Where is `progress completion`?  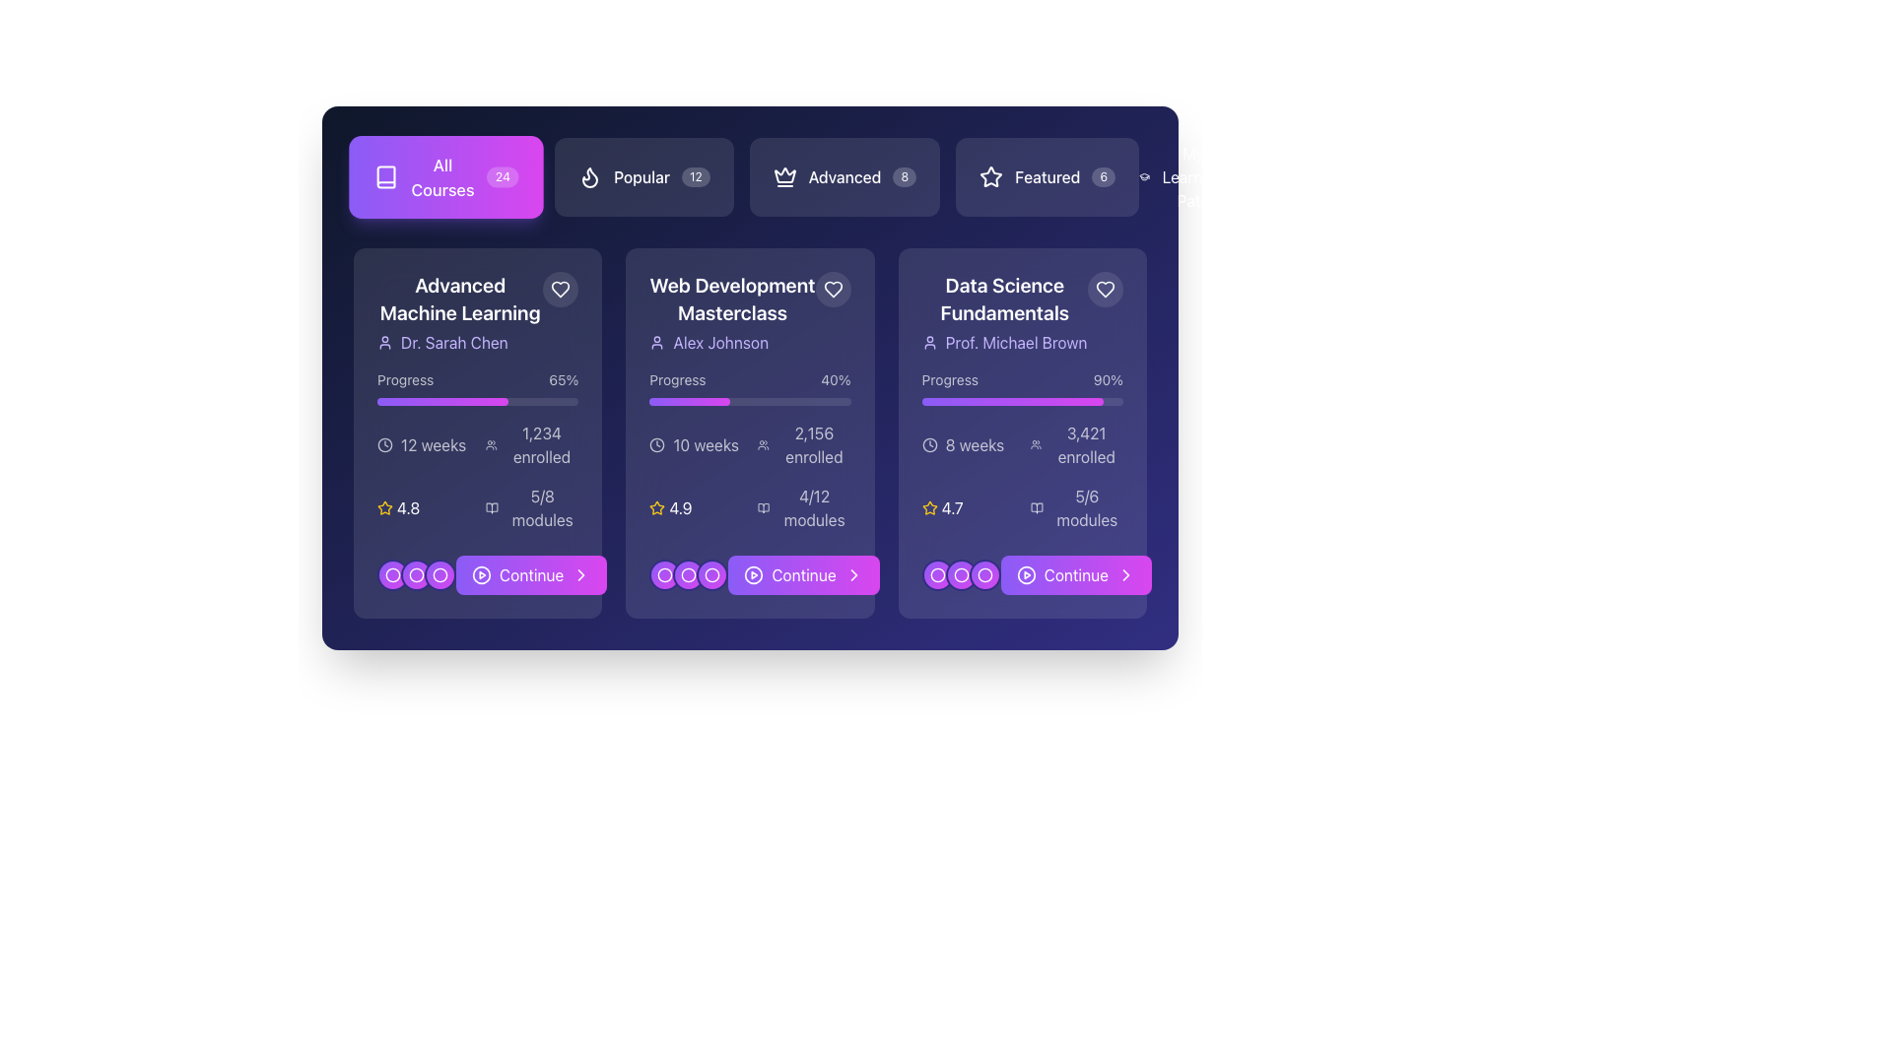
progress completion is located at coordinates (532, 401).